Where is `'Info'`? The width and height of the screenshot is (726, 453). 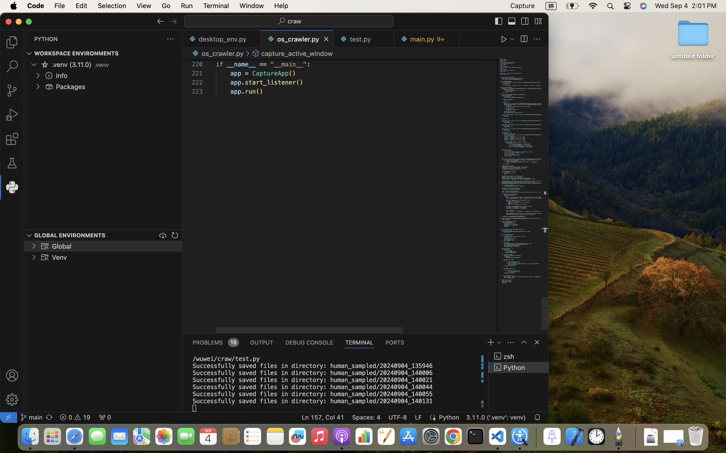 'Info' is located at coordinates (61, 75).